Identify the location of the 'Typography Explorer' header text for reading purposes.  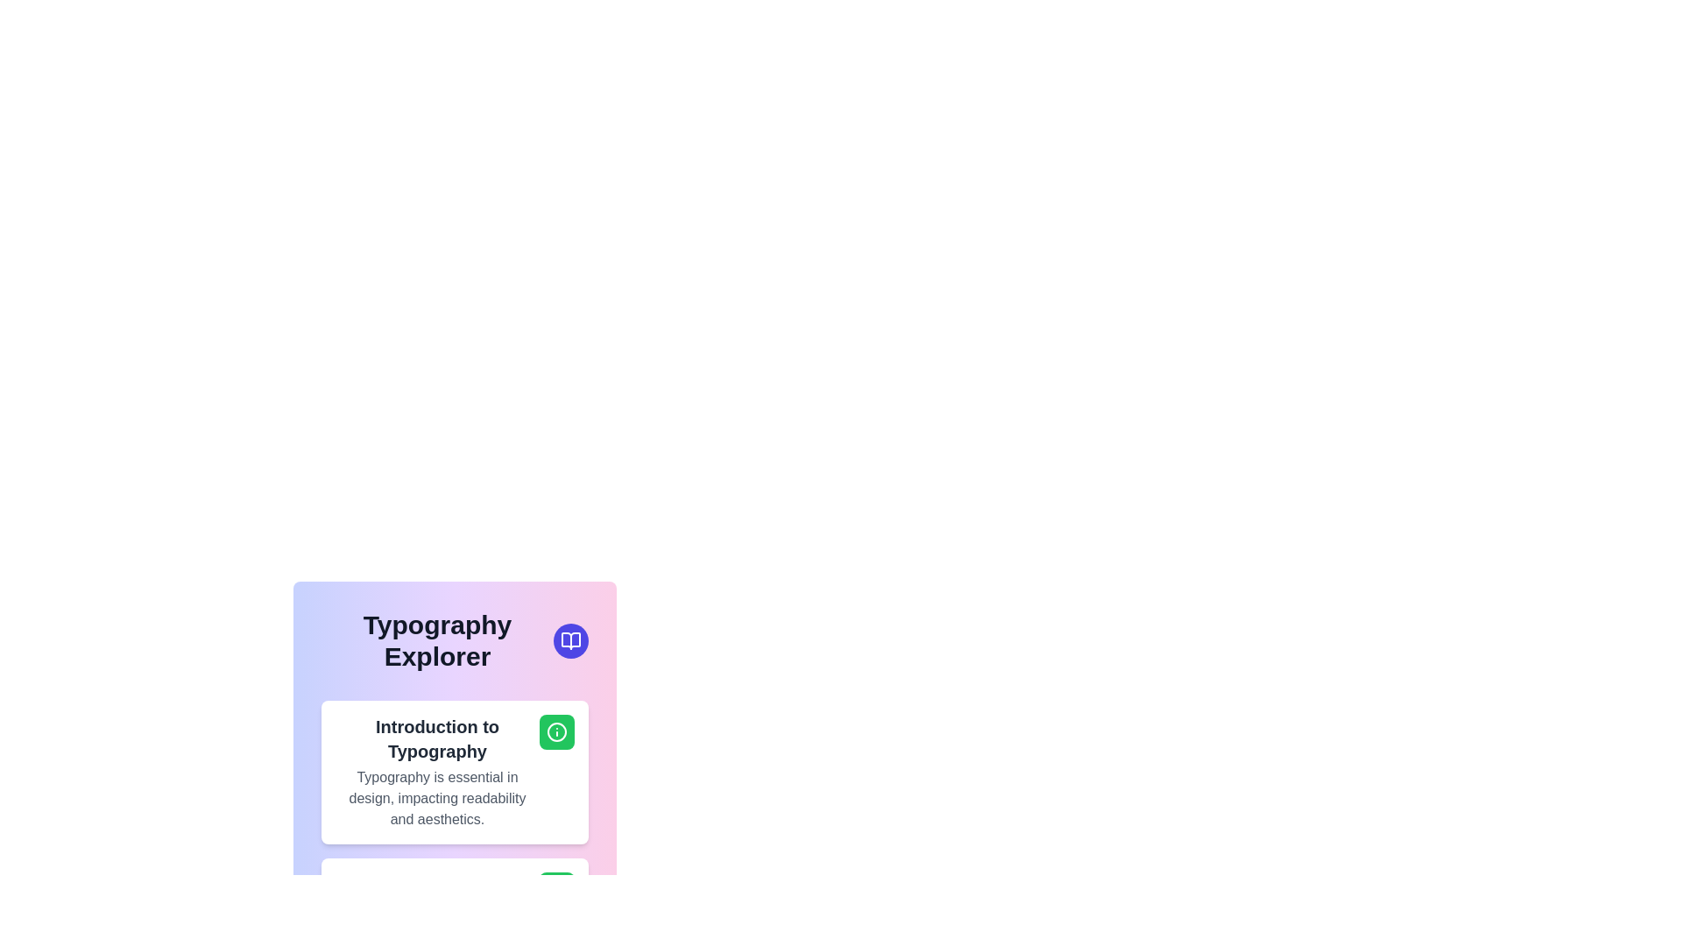
(455, 641).